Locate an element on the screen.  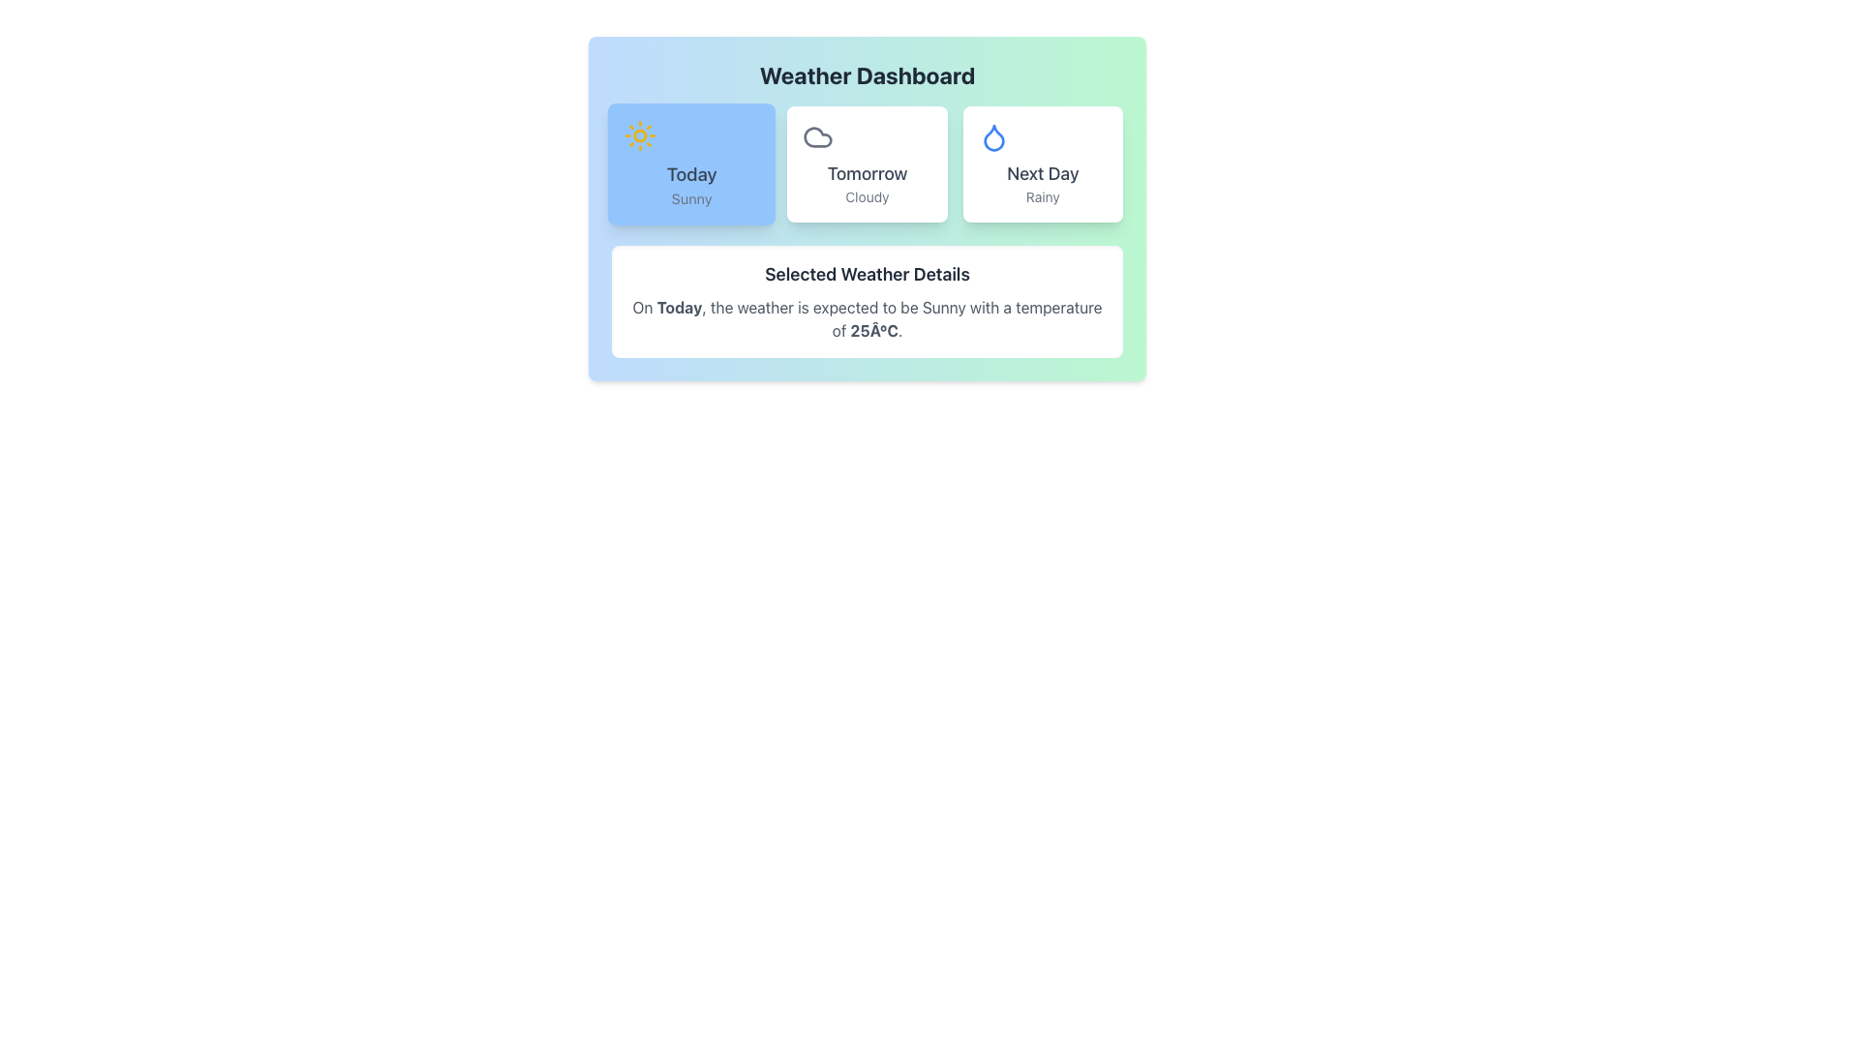
temperature value displayed as '25°C' in bold, dark font within the 'Selected Weather Details' section is located at coordinates (873, 330).